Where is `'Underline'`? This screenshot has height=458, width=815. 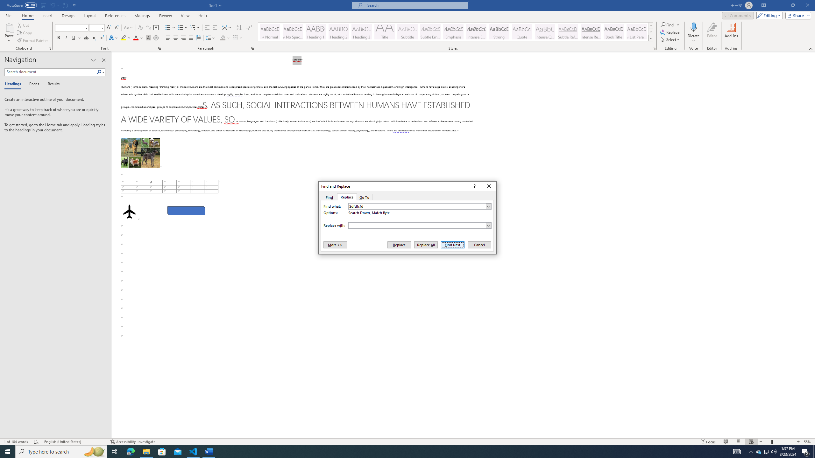
'Underline' is located at coordinates (74, 38).